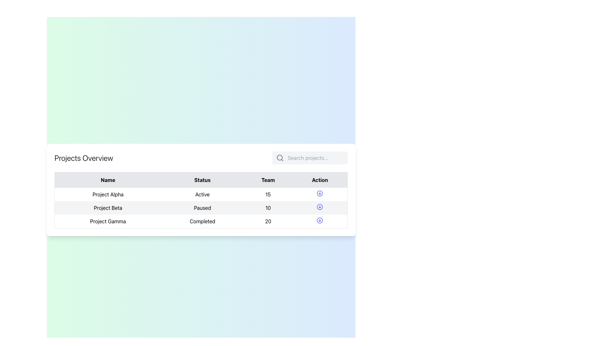 This screenshot has height=346, width=616. What do you see at coordinates (108, 208) in the screenshot?
I see `the text label displaying 'Project Beta' in the second row of the 'Name' column of the table under 'Projects Overview'` at bounding box center [108, 208].